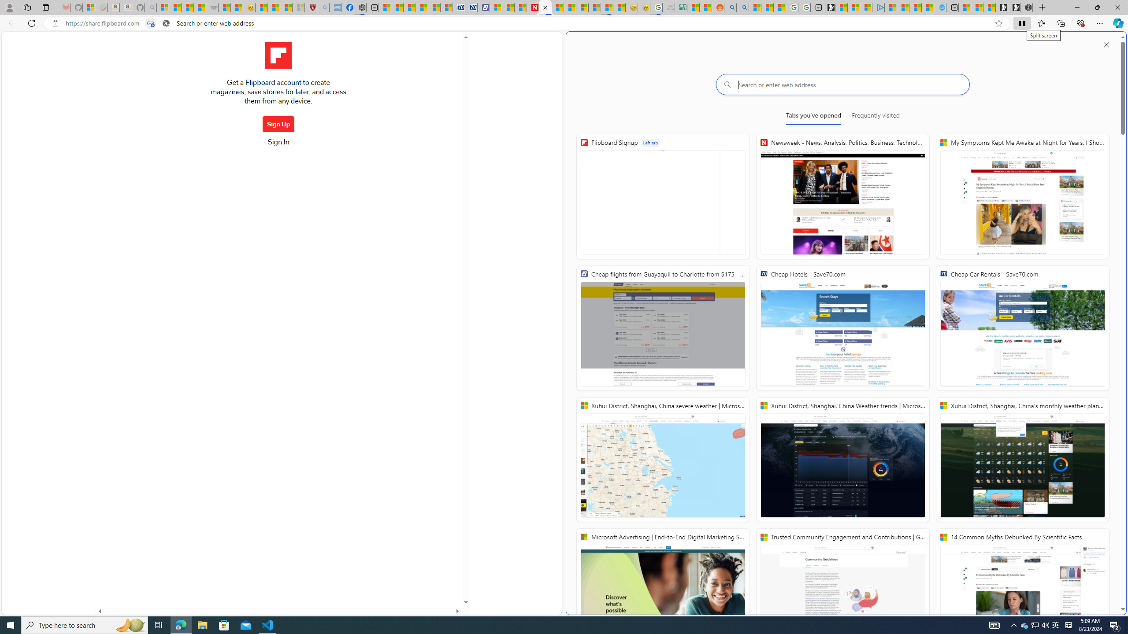  What do you see at coordinates (1022, 590) in the screenshot?
I see `'14 Common Myths Debunked By Scientific Facts'` at bounding box center [1022, 590].